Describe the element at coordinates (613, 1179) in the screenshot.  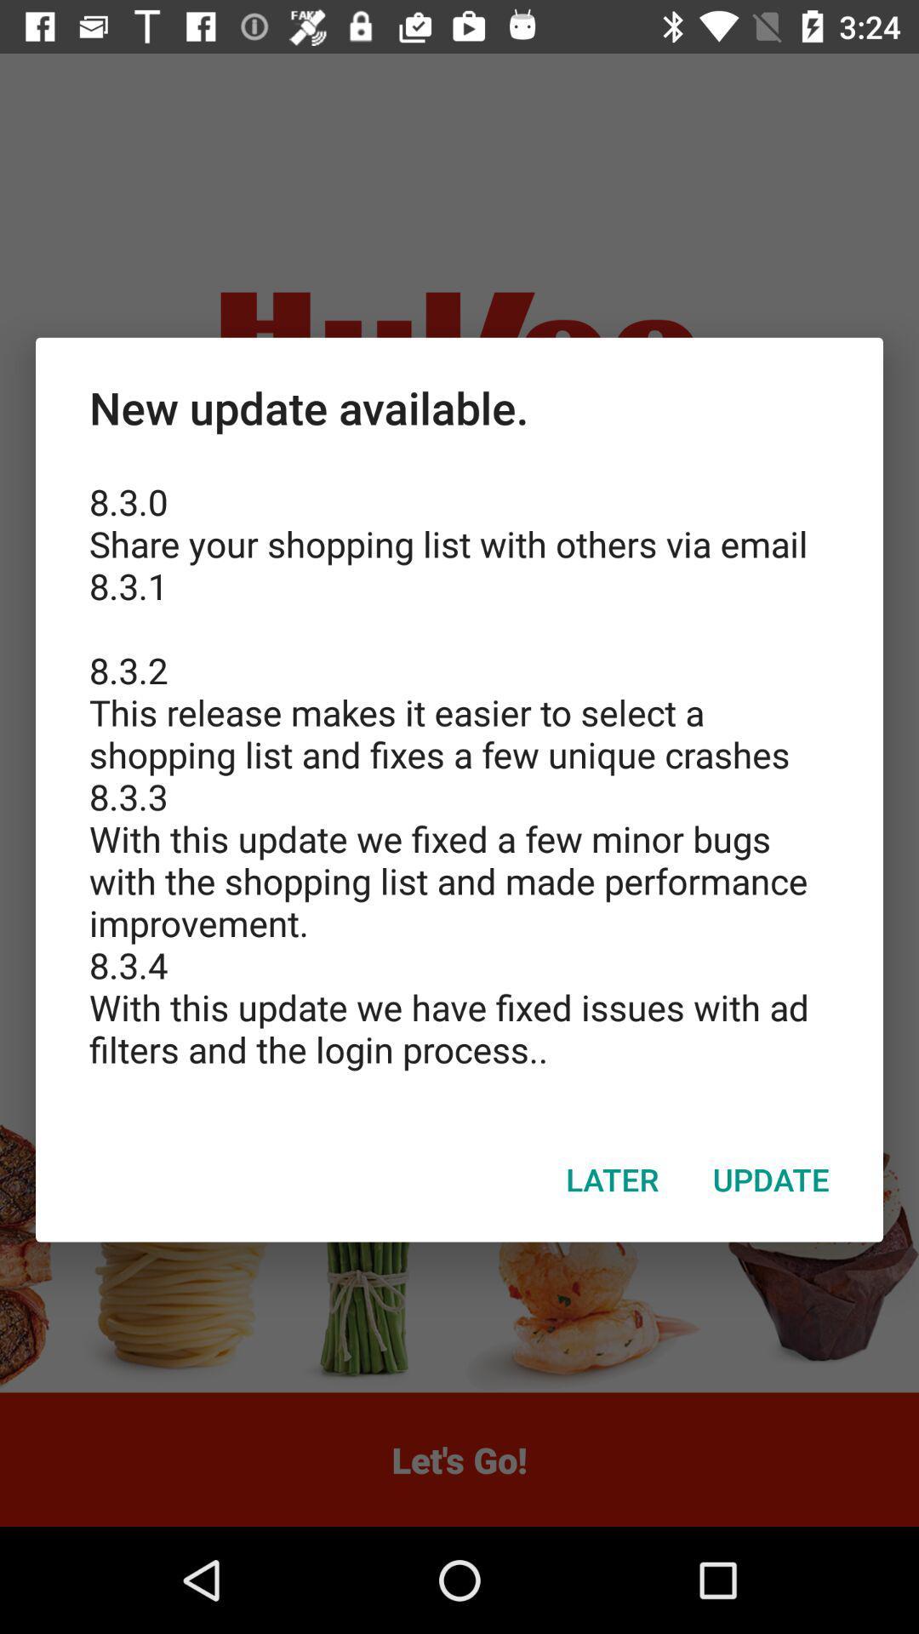
I see `the icon to the left of the update` at that location.